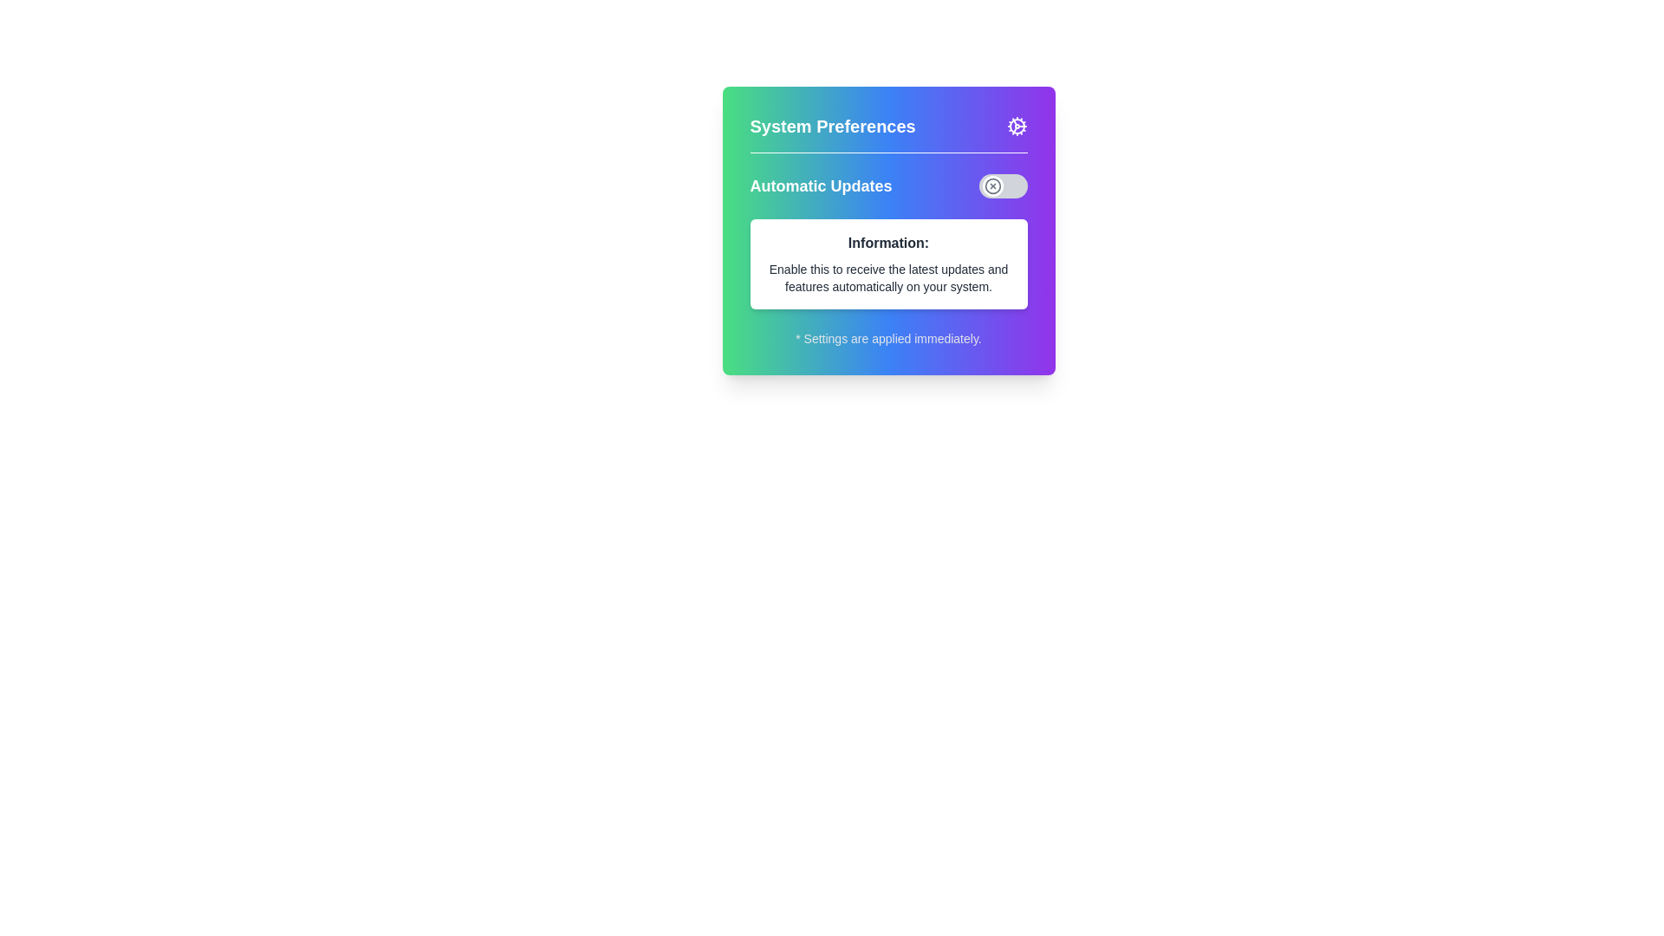 This screenshot has height=936, width=1664. What do you see at coordinates (888, 263) in the screenshot?
I see `the Informational text block that provides detailed information about enabling automatic updates, located below the 'Automatic Updates' label and toggle switch` at bounding box center [888, 263].